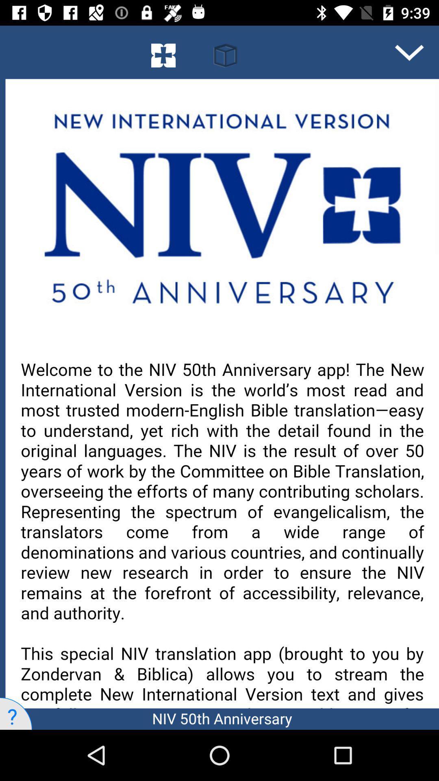 This screenshot has height=781, width=439. Describe the element at coordinates (385, 713) in the screenshot. I see `the close icon` at that location.